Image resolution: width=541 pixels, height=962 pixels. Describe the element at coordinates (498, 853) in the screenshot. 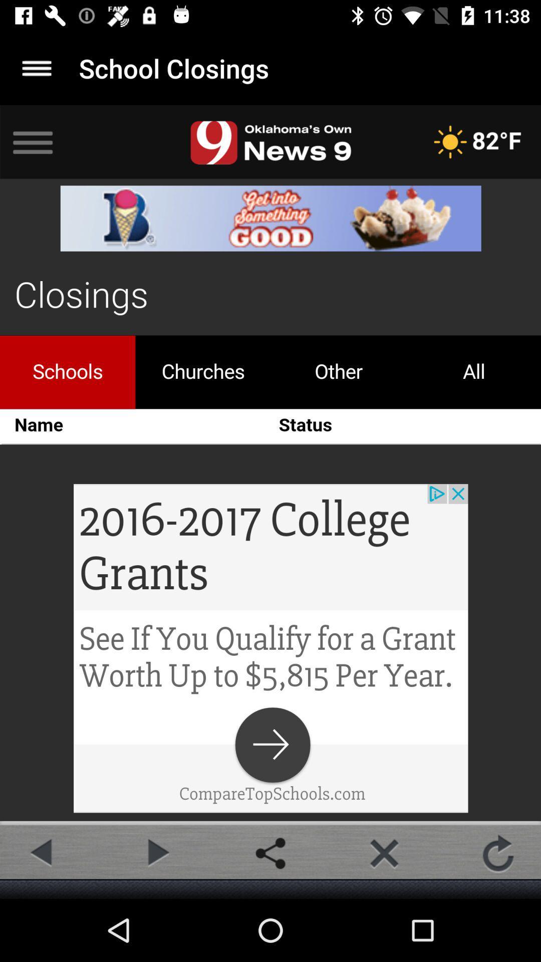

I see `the refresh icon` at that location.